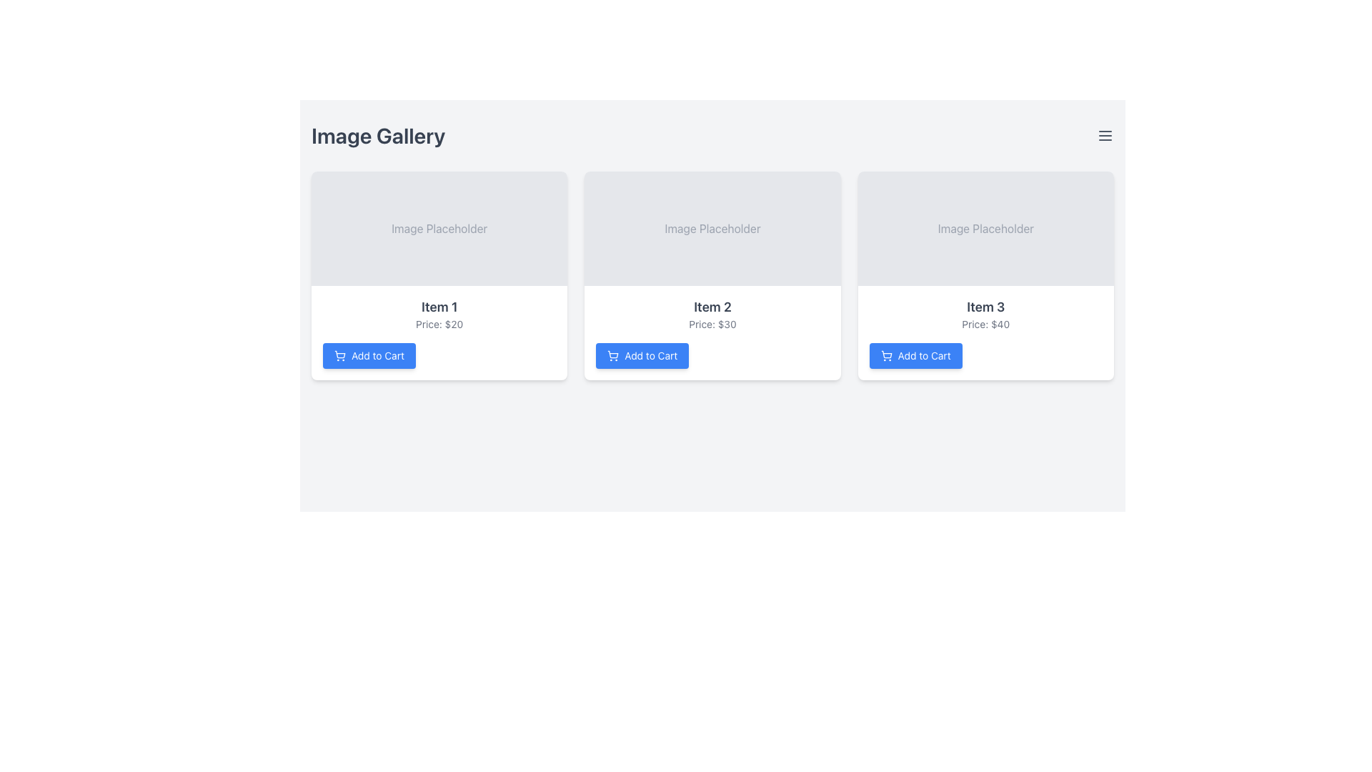  What do you see at coordinates (613, 355) in the screenshot?
I see `the shopping cart icon located inside the 'Add to Cart' button beneath the 'Item 2' title` at bounding box center [613, 355].